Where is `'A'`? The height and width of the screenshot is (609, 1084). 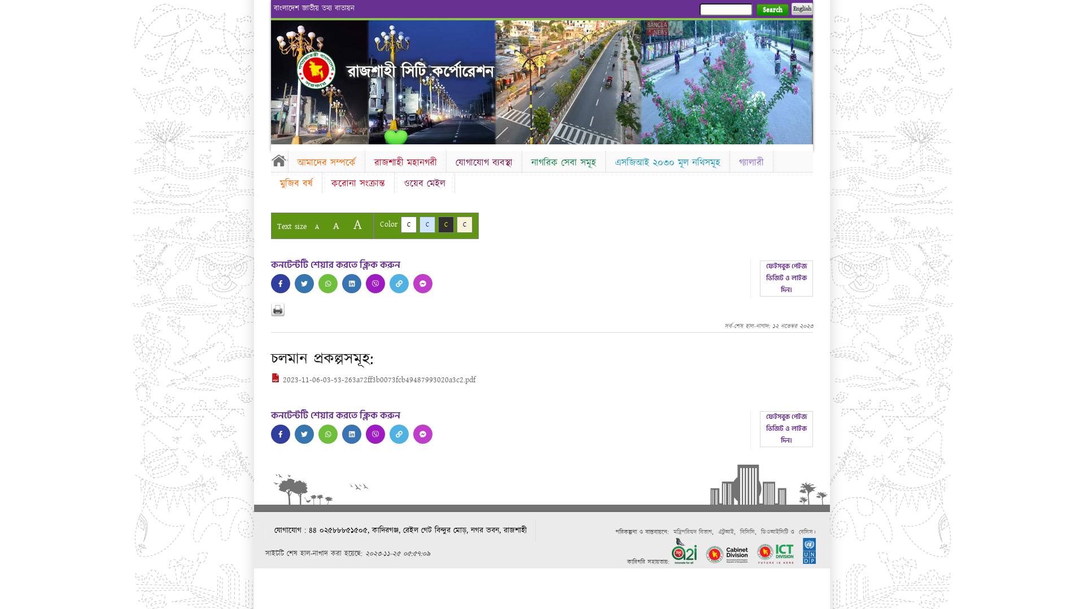
'A' is located at coordinates (347, 224).